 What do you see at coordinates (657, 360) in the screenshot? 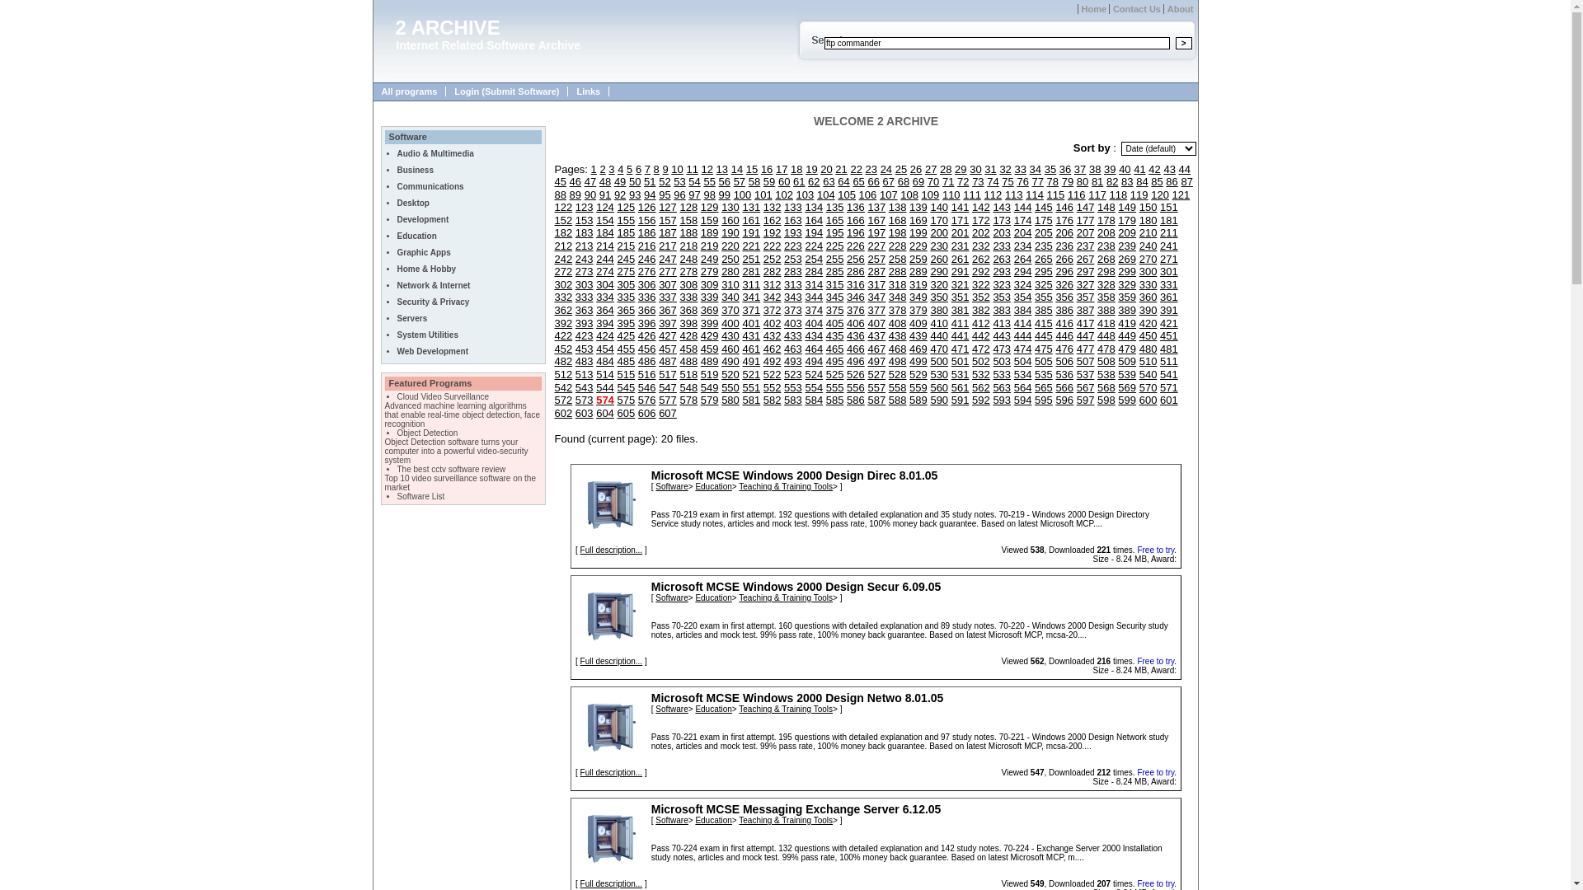
I see `'487'` at bounding box center [657, 360].